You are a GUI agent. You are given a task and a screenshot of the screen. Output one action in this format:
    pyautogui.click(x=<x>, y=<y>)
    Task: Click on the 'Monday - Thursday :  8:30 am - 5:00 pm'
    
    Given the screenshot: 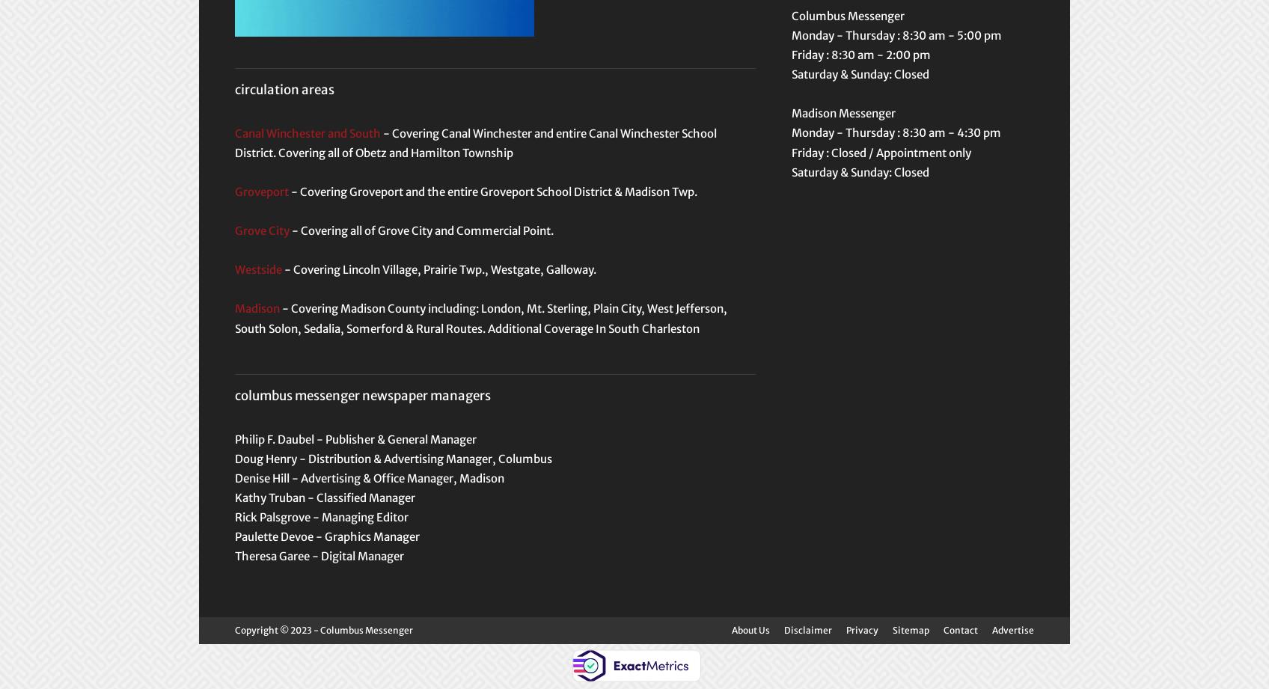 What is the action you would take?
    pyautogui.click(x=896, y=35)
    